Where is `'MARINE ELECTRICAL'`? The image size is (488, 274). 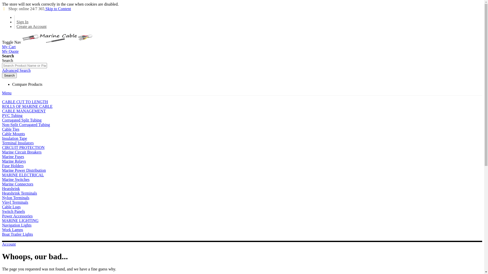 'MARINE ELECTRICAL' is located at coordinates (23, 175).